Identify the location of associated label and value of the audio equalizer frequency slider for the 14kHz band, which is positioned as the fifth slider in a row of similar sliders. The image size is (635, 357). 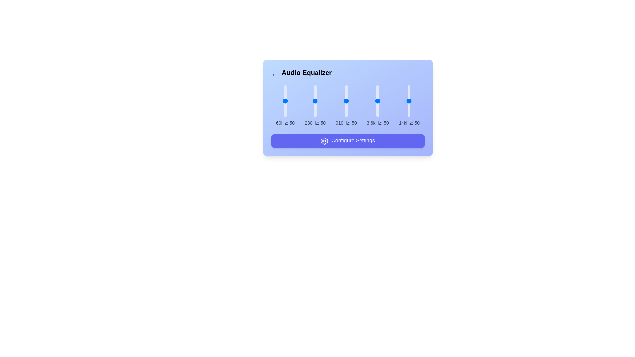
(409, 105).